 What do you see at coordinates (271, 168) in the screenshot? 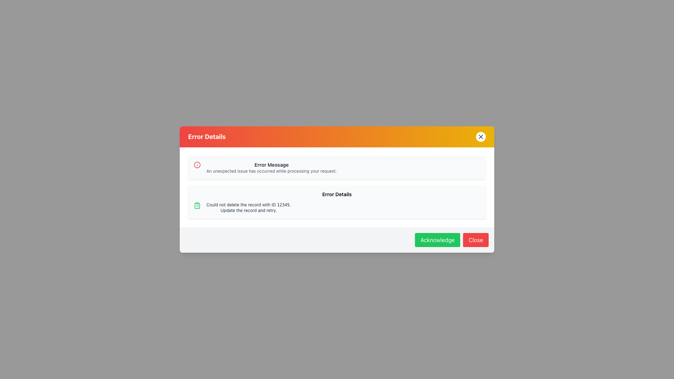
I see `the Text Block displaying an 'Error Message' and its description, located in the top section of the modal dialog box` at bounding box center [271, 168].